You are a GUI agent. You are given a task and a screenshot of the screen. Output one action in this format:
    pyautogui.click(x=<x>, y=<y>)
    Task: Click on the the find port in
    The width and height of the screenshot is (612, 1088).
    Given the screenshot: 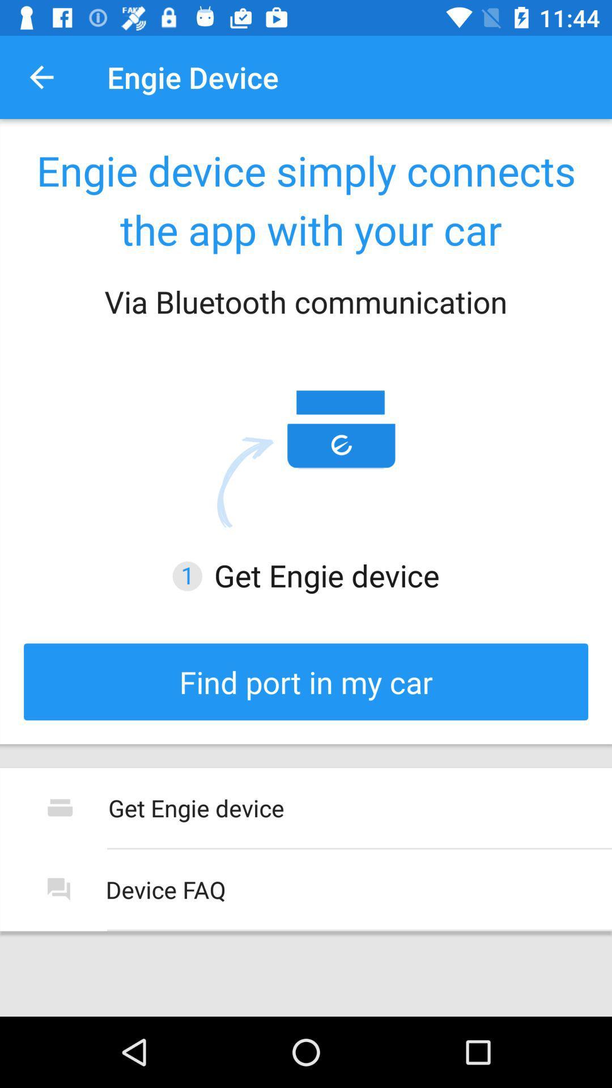 What is the action you would take?
    pyautogui.click(x=306, y=681)
    